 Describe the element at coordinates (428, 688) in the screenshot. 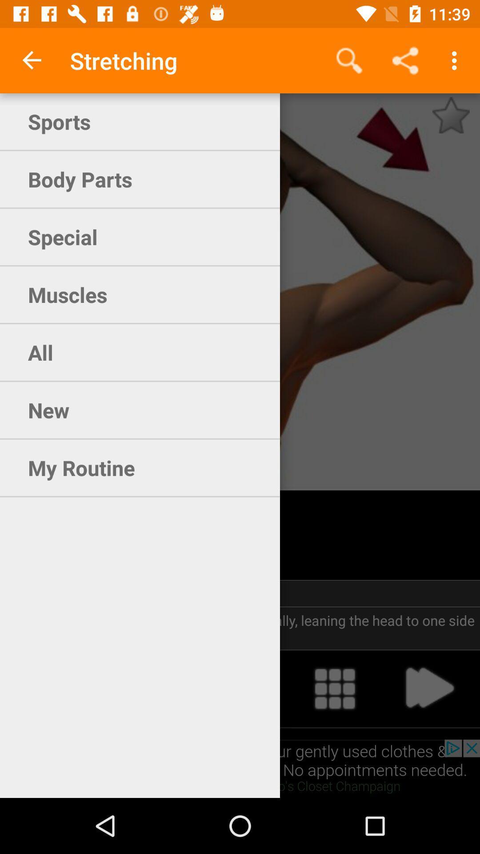

I see `the arrow_forward icon` at that location.